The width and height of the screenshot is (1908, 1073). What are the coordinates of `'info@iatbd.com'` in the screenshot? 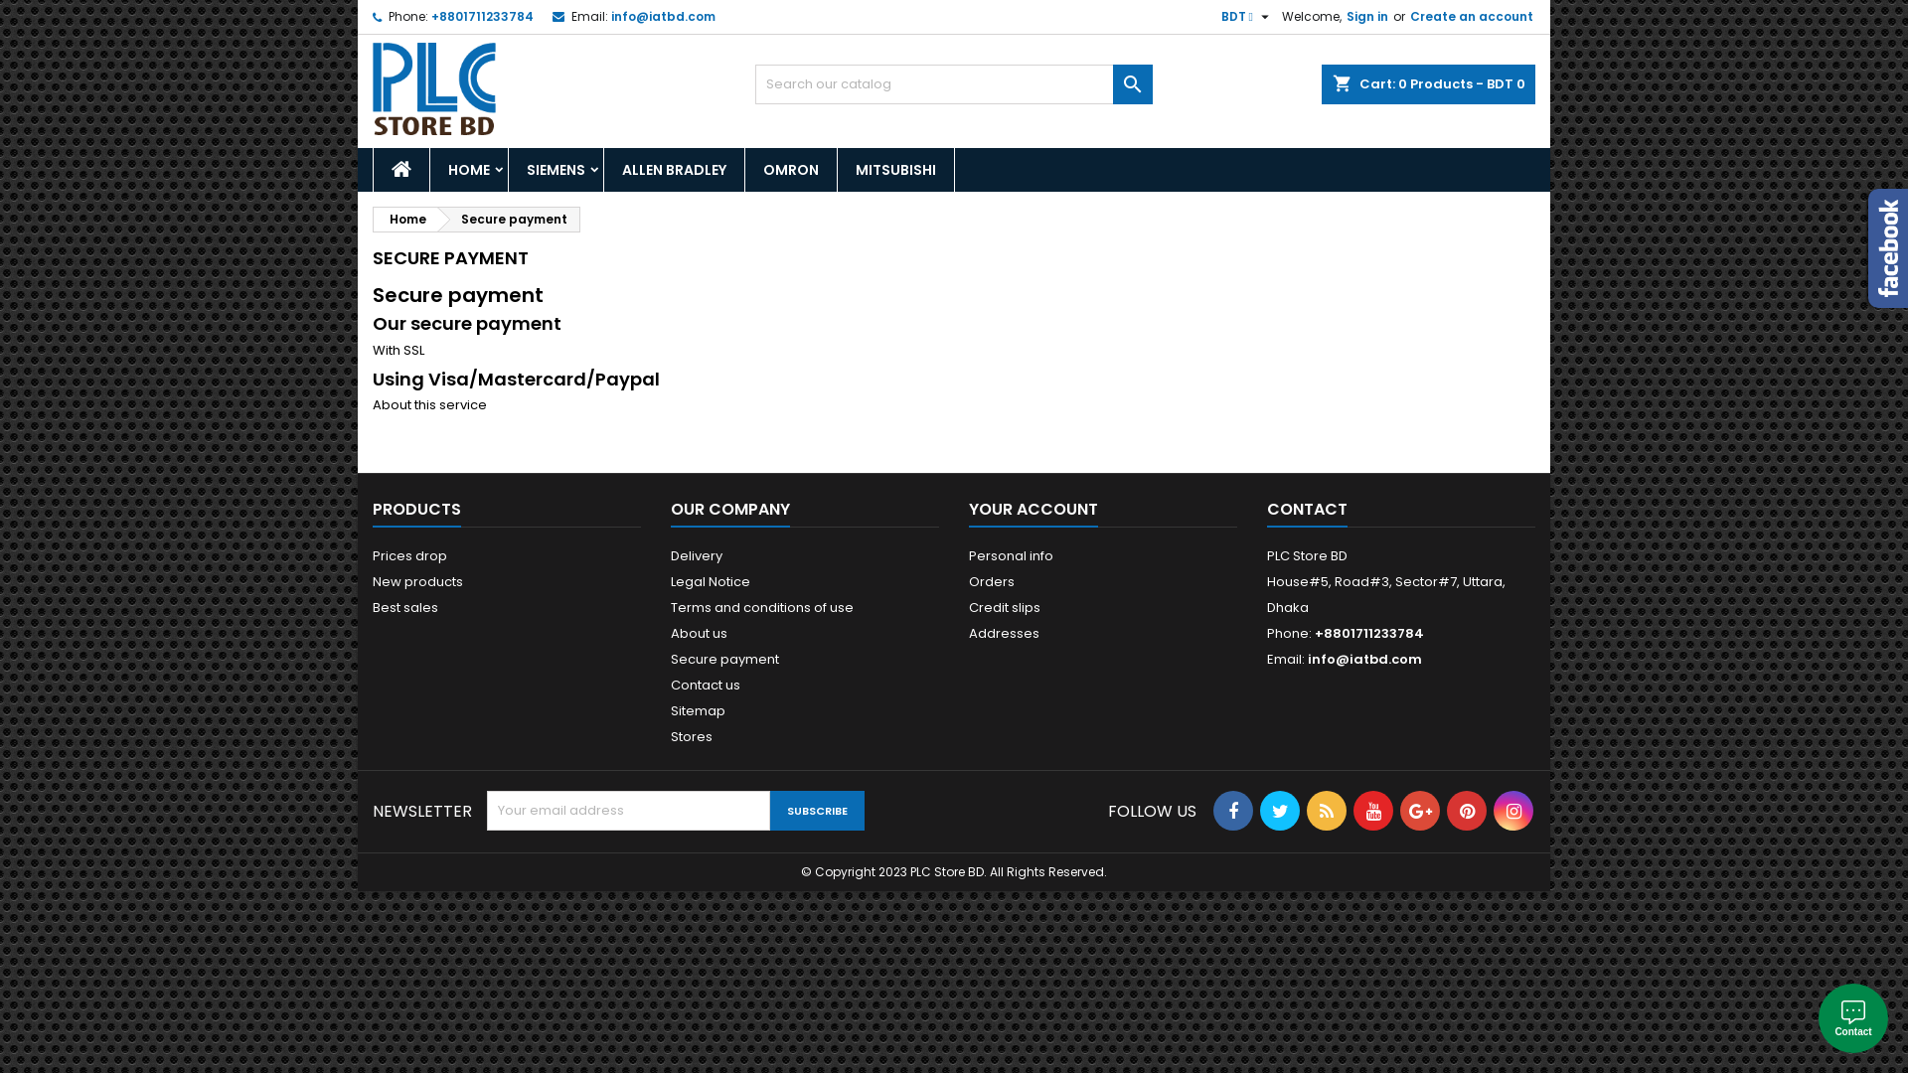 It's located at (663, 16).